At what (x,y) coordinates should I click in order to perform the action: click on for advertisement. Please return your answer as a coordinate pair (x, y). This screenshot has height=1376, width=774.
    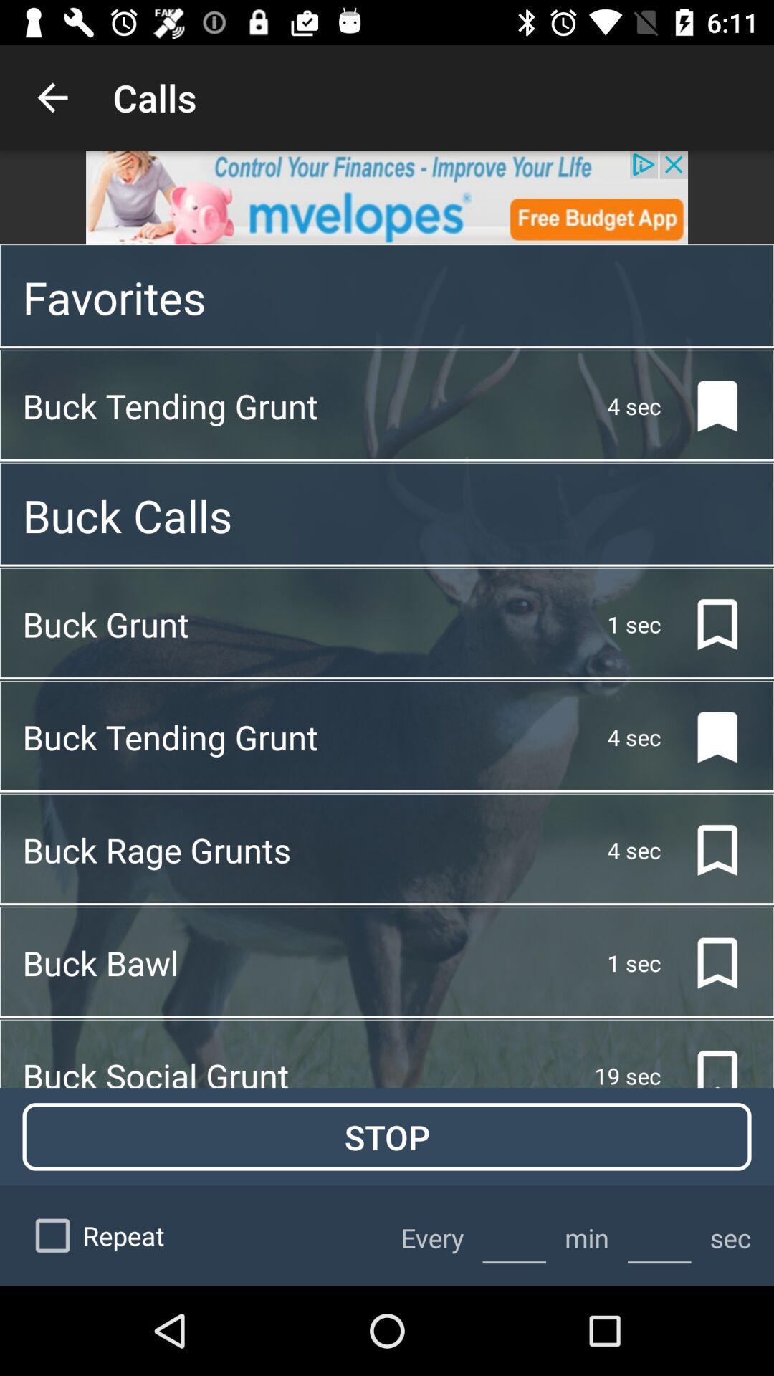
    Looking at the image, I should click on (387, 196).